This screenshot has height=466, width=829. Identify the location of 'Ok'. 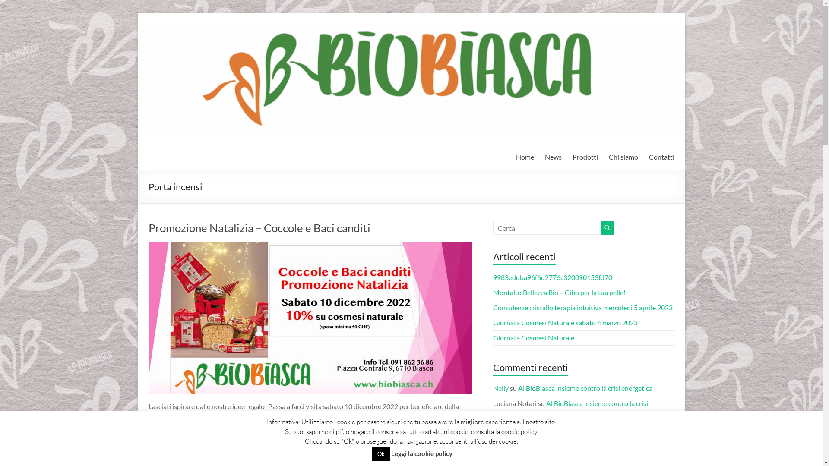
(380, 453).